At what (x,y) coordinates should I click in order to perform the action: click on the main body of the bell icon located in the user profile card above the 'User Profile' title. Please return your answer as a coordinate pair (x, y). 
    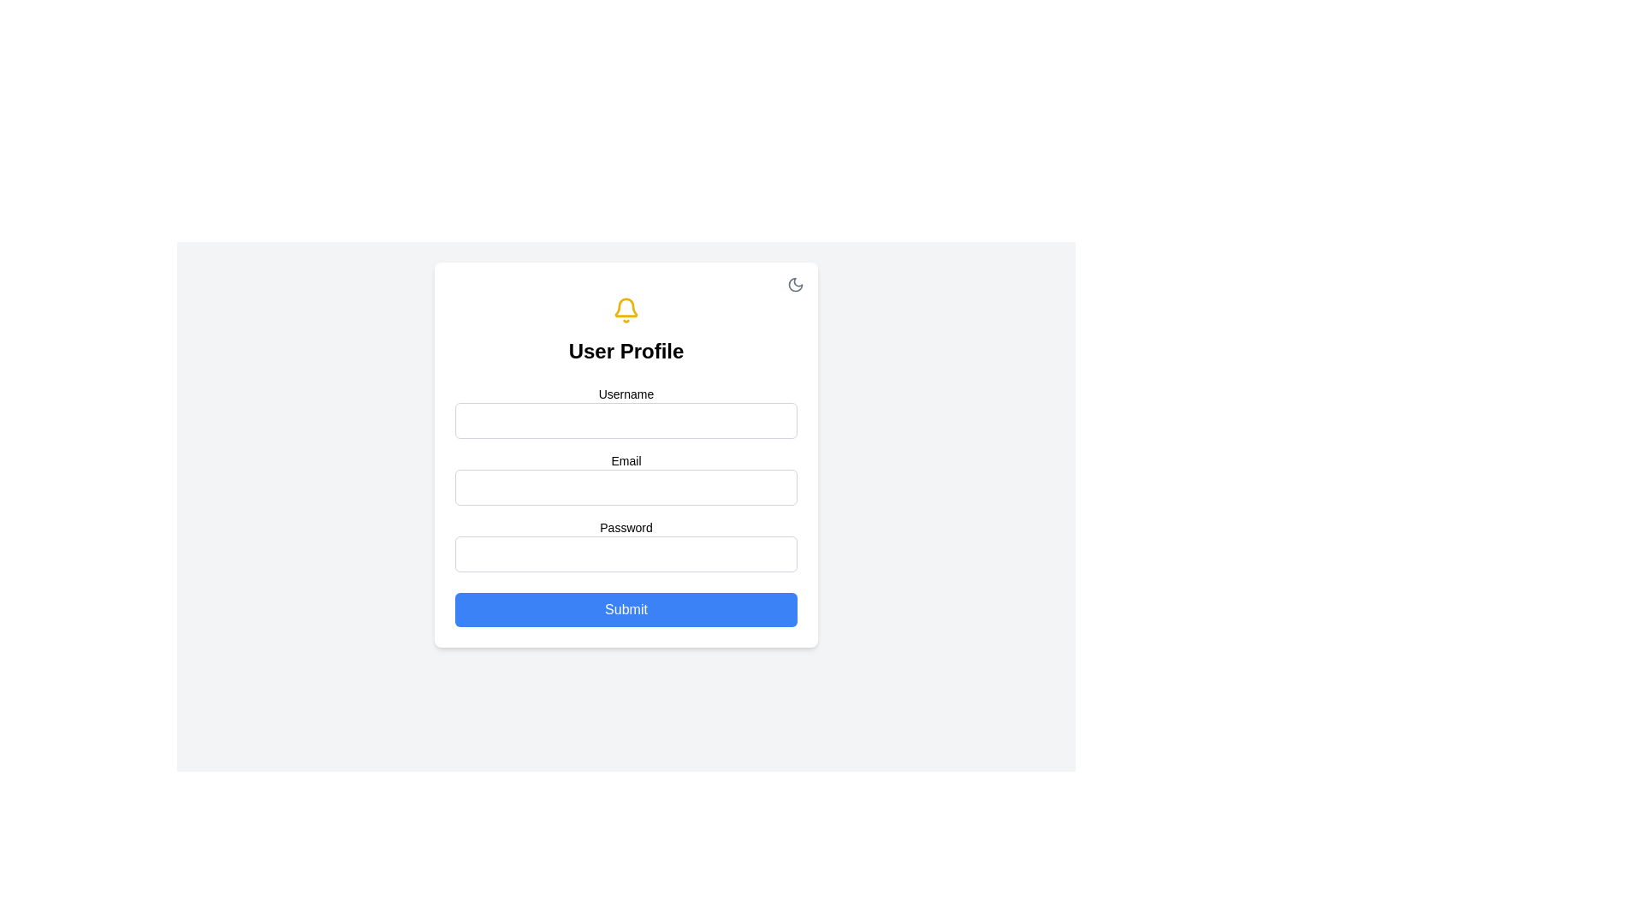
    Looking at the image, I should click on (625, 306).